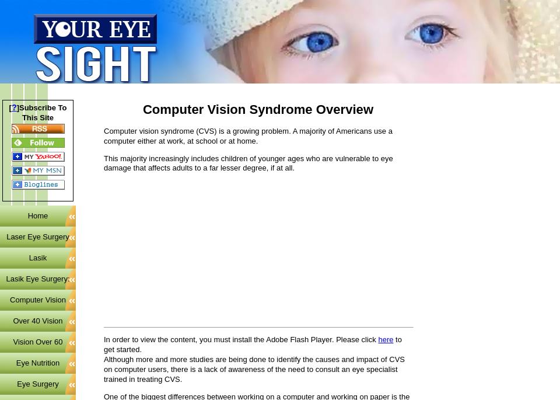 Image resolution: width=560 pixels, height=400 pixels. I want to click on '[', so click(8, 106).